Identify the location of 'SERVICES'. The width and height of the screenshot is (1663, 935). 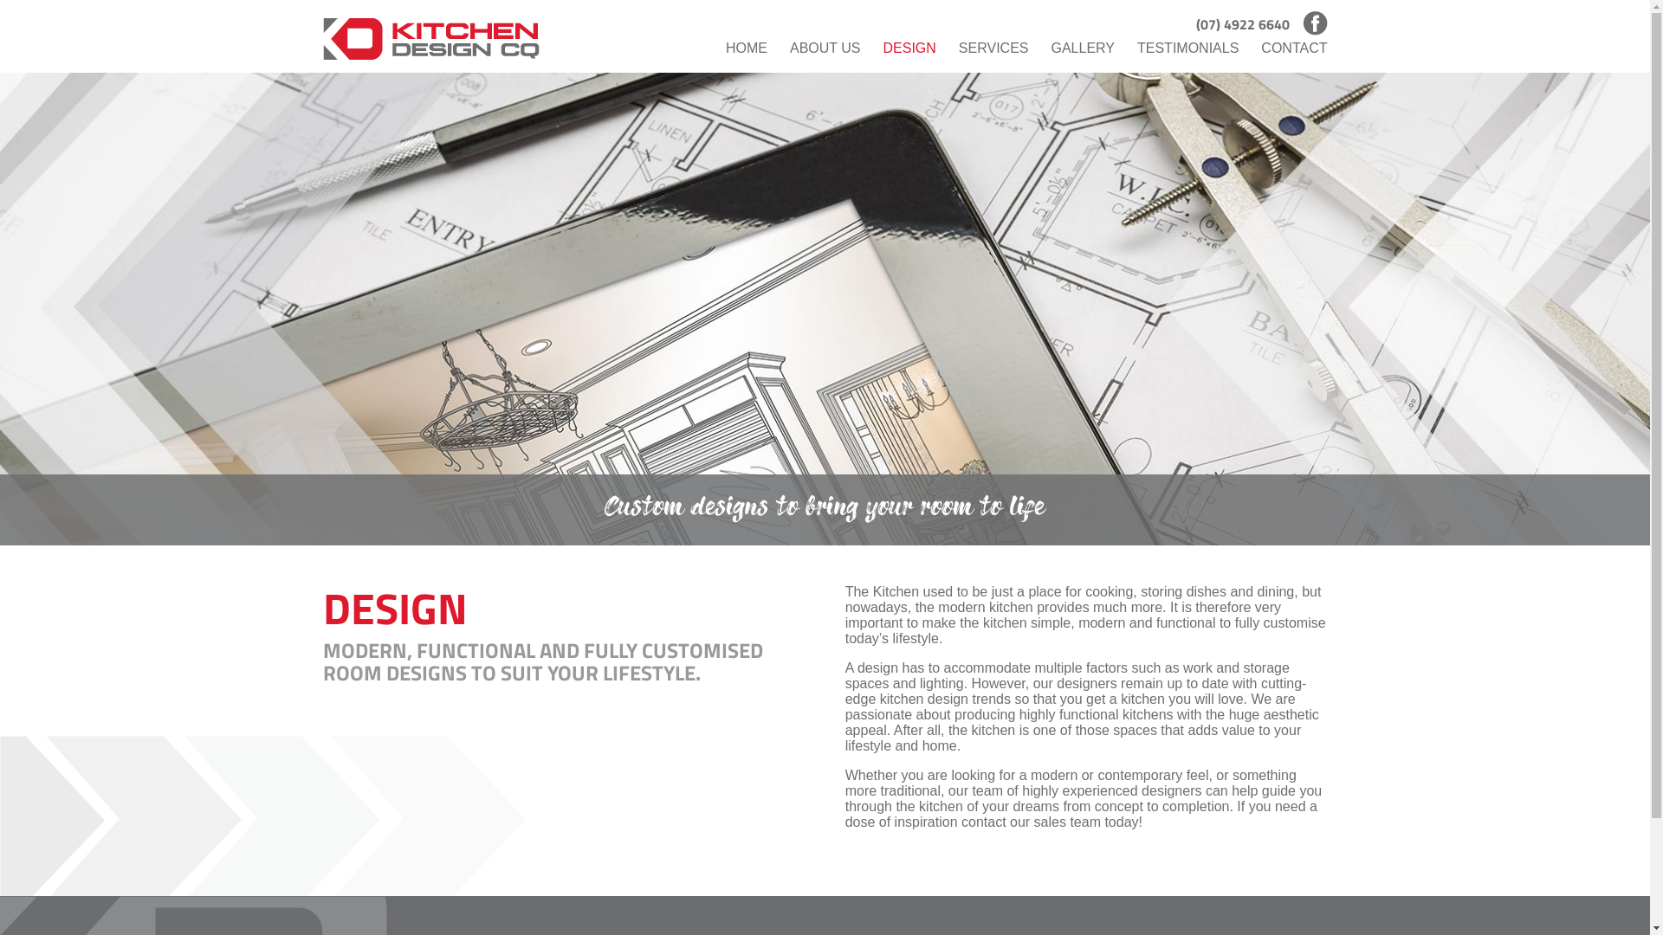
(993, 48).